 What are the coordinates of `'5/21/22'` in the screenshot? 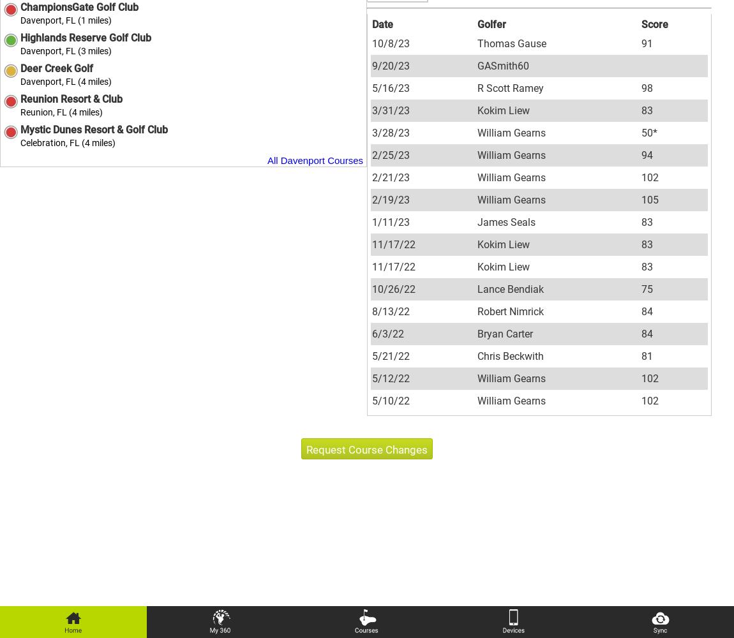 It's located at (371, 355).